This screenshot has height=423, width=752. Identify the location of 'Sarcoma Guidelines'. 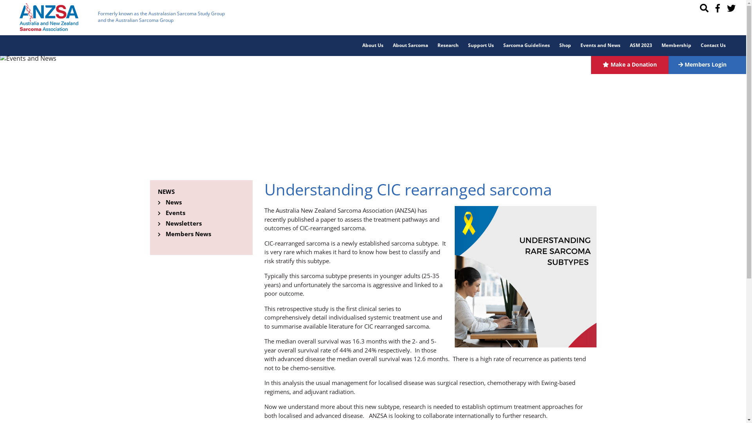
(526, 45).